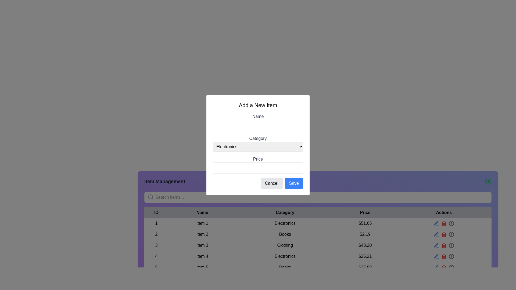 The height and width of the screenshot is (290, 516). I want to click on the delete icon in the Actions column of the table row, so click(444, 256).